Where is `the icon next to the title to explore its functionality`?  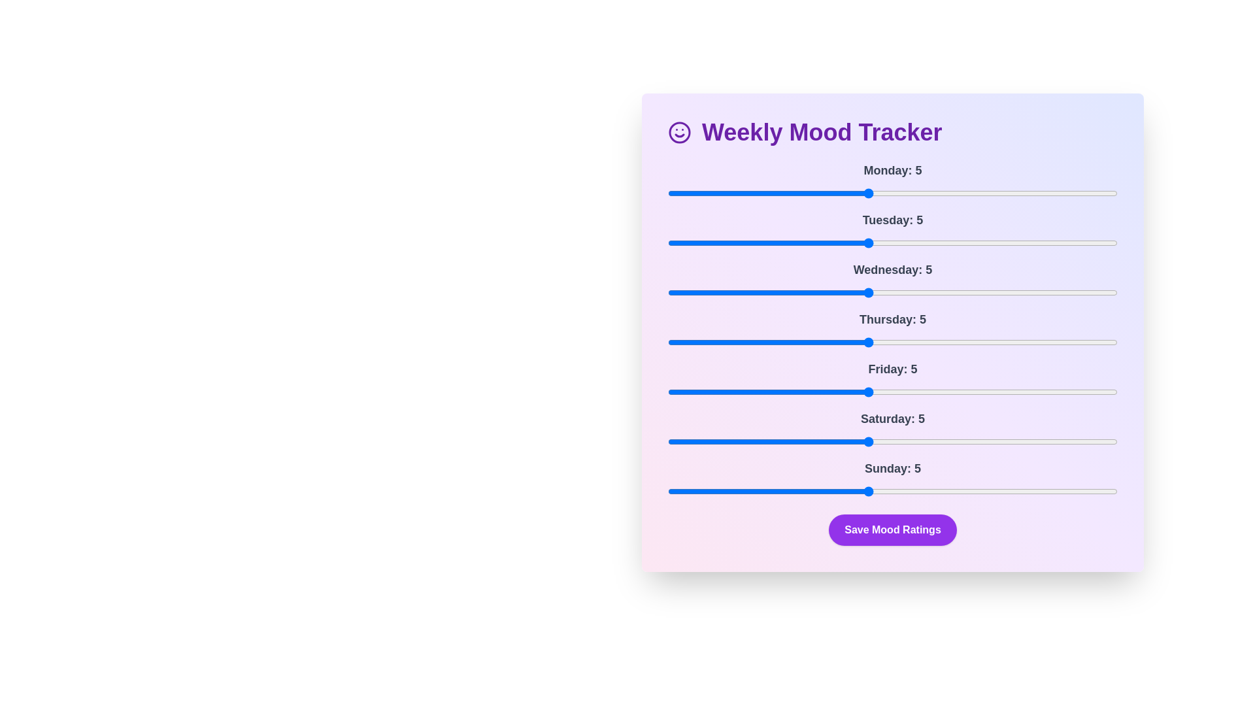
the icon next to the title to explore its functionality is located at coordinates (680, 133).